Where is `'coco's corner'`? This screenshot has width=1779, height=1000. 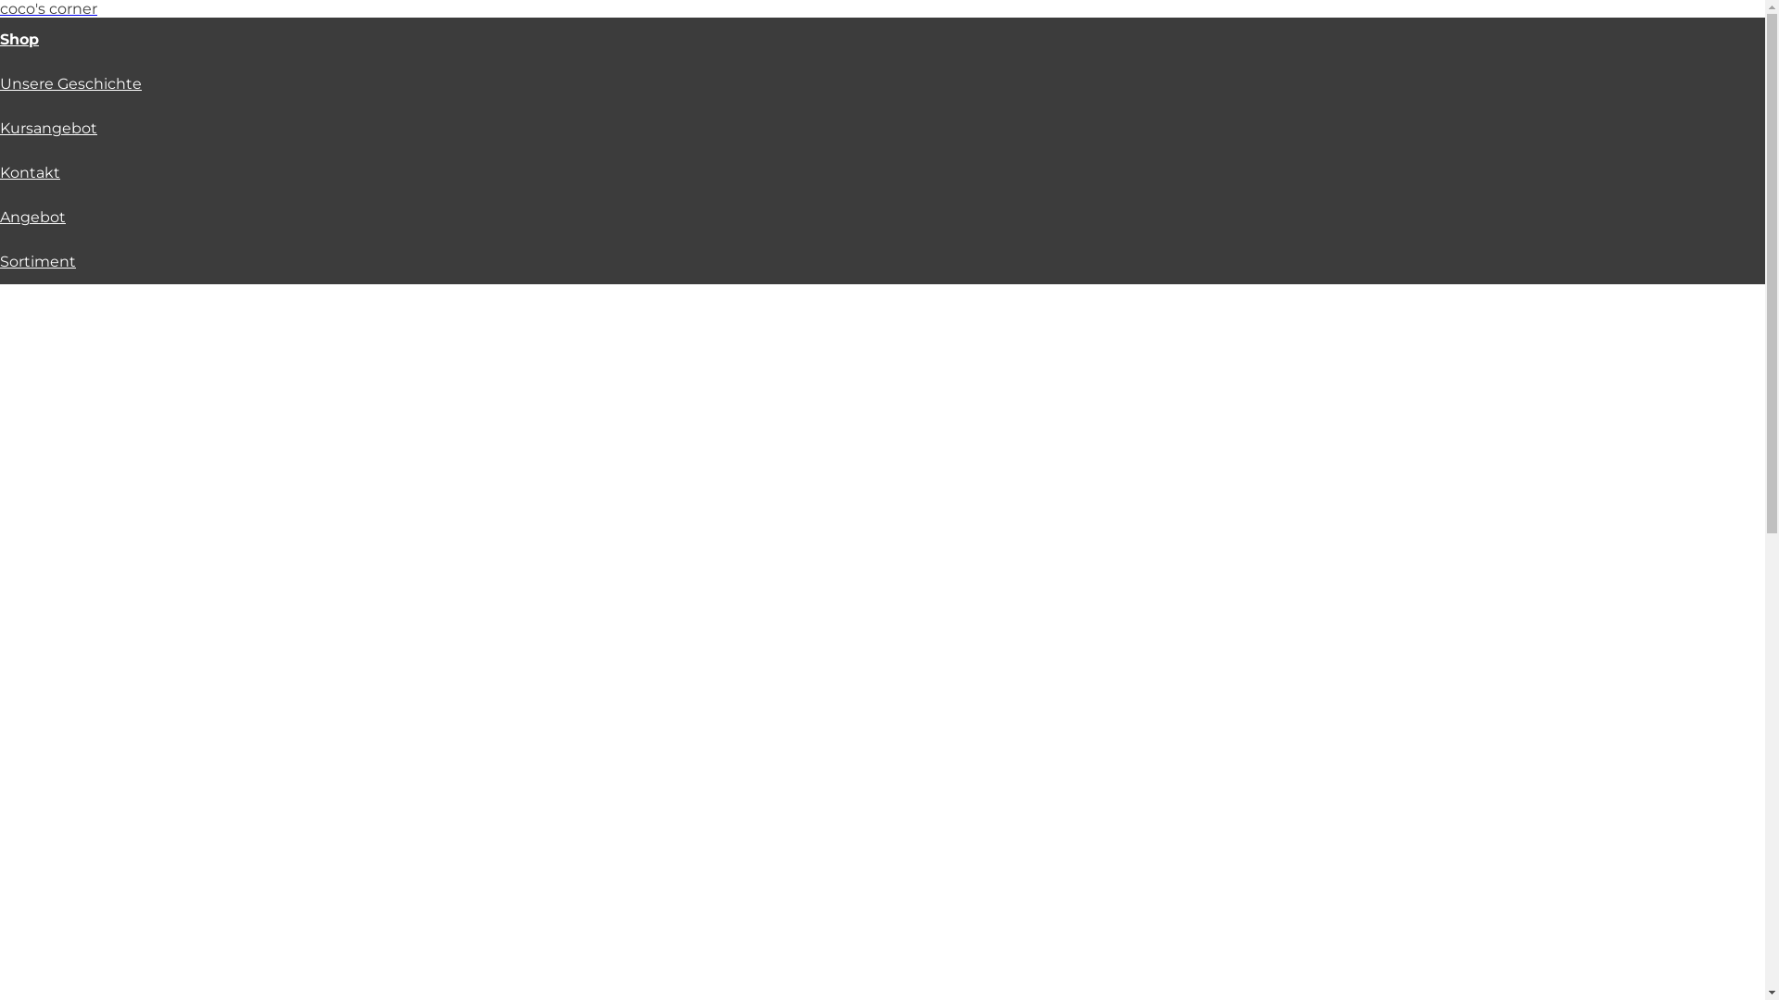 'coco's corner' is located at coordinates (48, 8).